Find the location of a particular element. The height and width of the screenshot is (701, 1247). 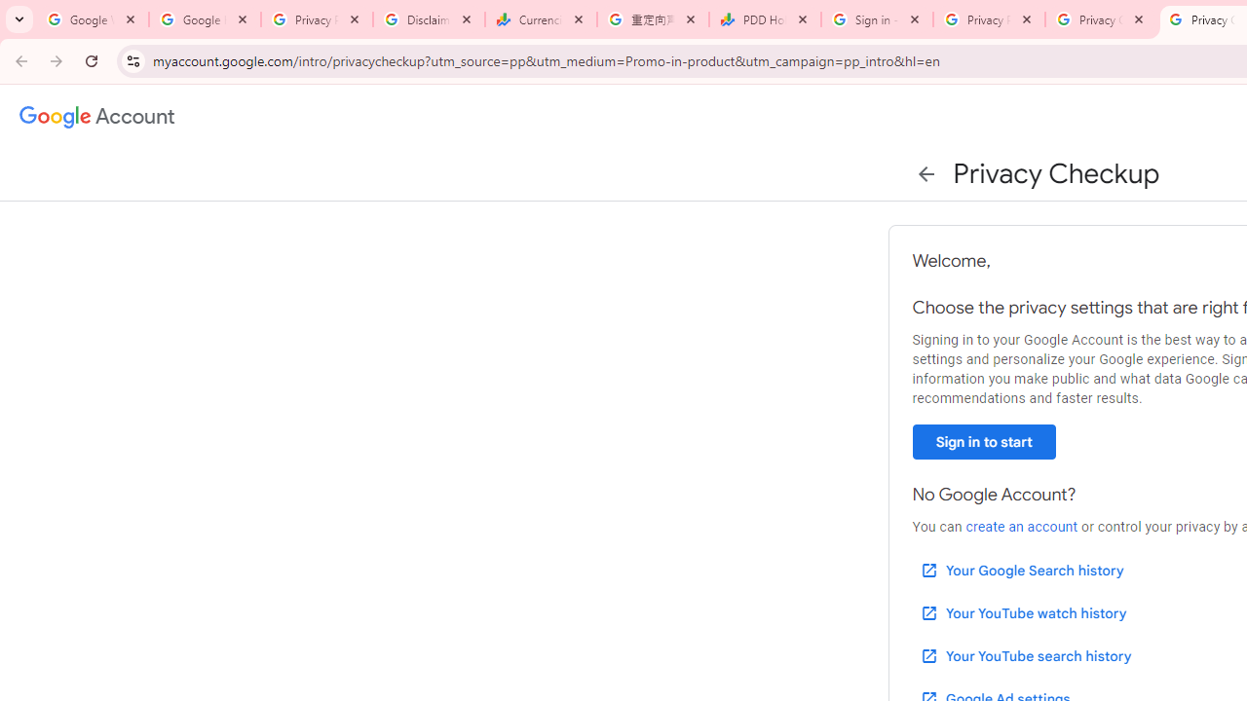

'Your Google Search history' is located at coordinates (1020, 570).